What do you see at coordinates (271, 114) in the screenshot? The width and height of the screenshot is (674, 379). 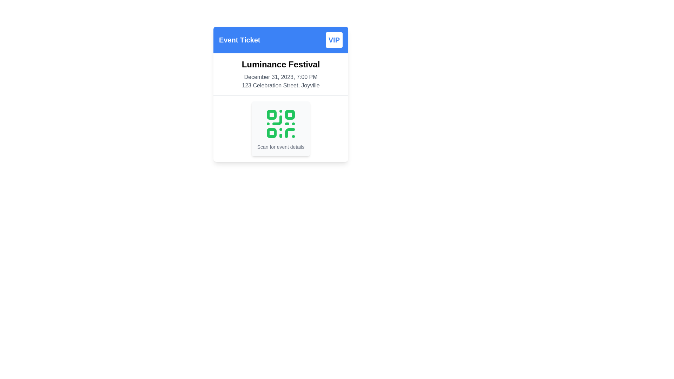 I see `the small square element with rounded corners located at the upper-left corner of a green QR code icon` at bounding box center [271, 114].